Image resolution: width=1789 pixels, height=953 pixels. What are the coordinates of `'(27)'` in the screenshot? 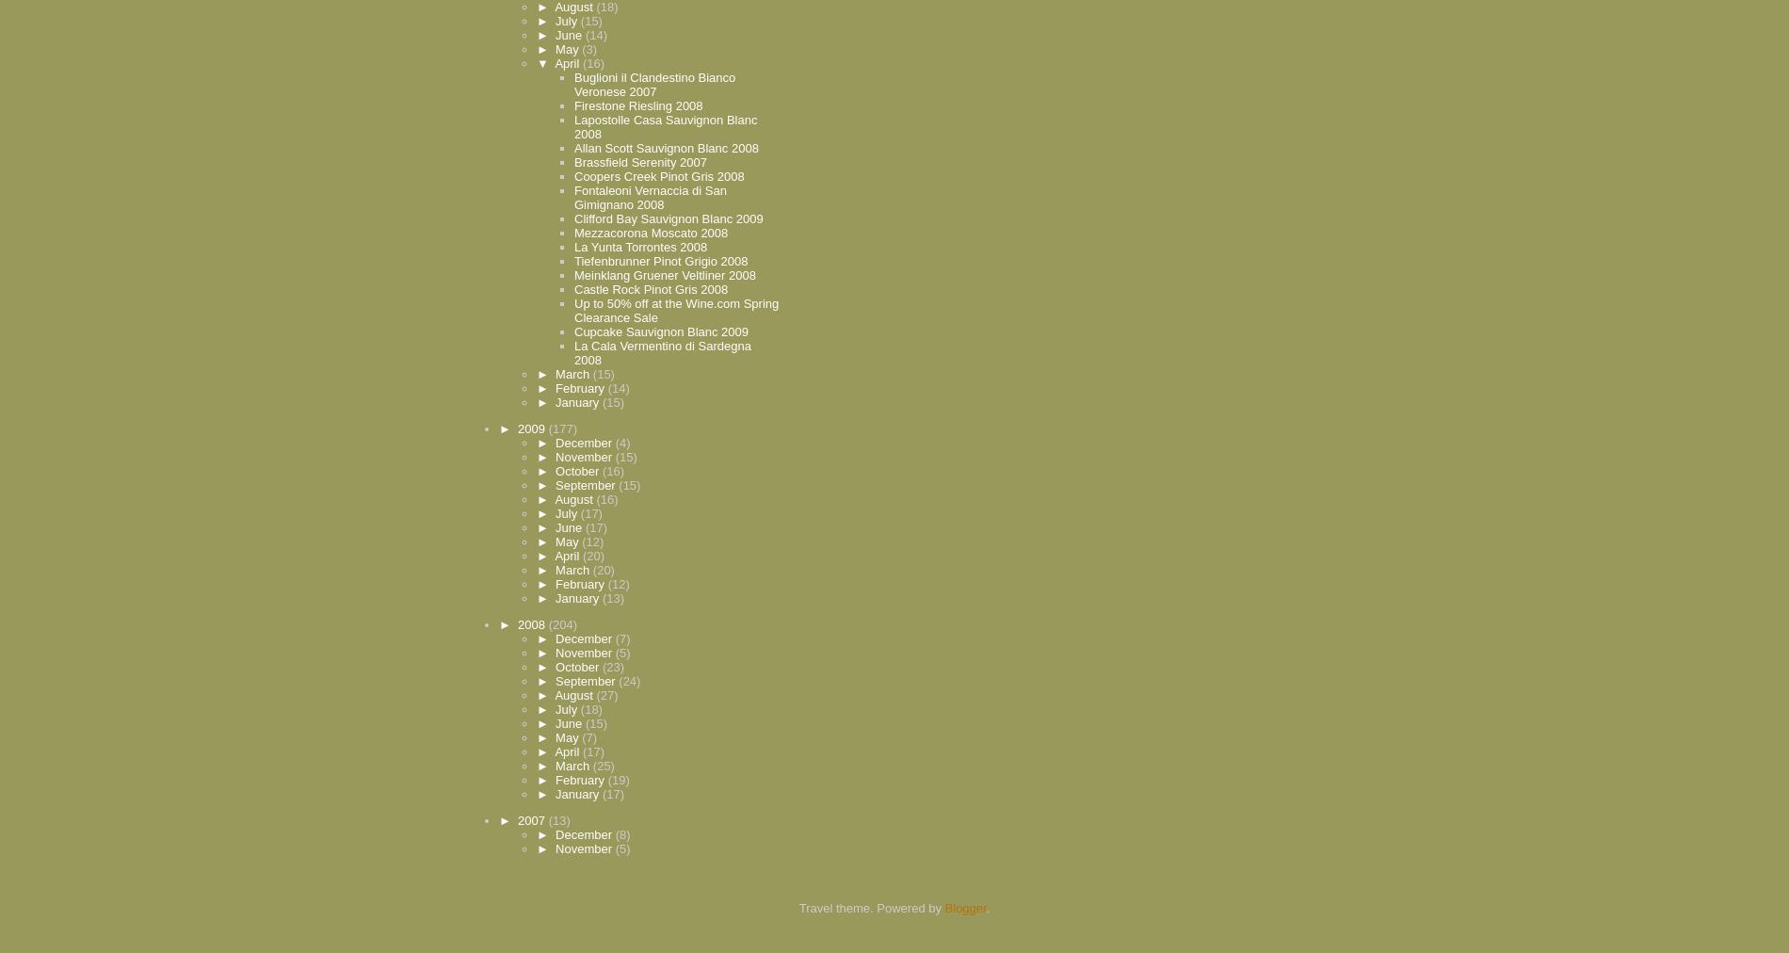 It's located at (606, 694).